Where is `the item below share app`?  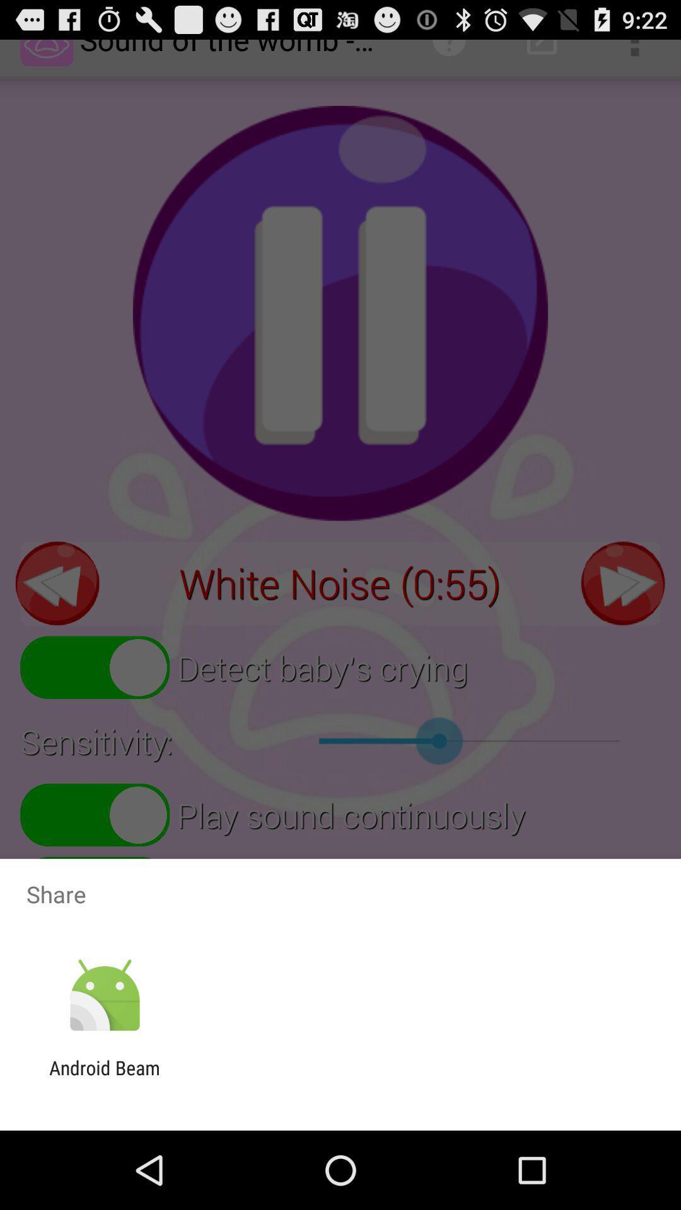
the item below share app is located at coordinates (104, 995).